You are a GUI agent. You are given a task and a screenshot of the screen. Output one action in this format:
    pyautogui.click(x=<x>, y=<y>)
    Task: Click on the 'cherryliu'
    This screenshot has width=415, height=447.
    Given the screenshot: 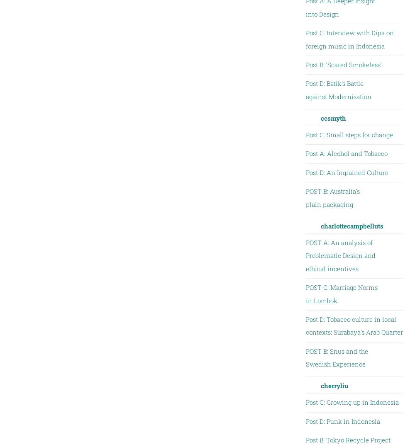 What is the action you would take?
    pyautogui.click(x=334, y=385)
    